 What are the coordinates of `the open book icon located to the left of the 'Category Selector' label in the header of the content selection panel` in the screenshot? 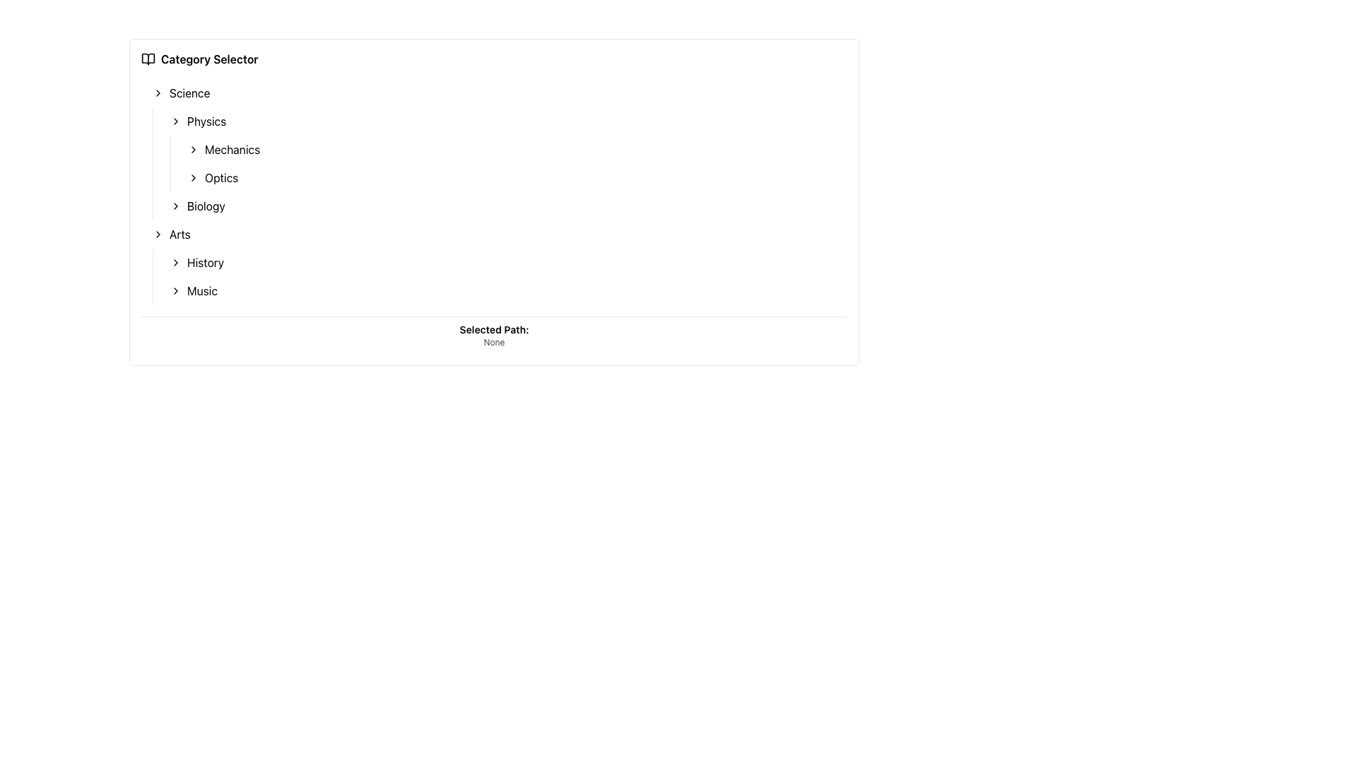 It's located at (148, 59).